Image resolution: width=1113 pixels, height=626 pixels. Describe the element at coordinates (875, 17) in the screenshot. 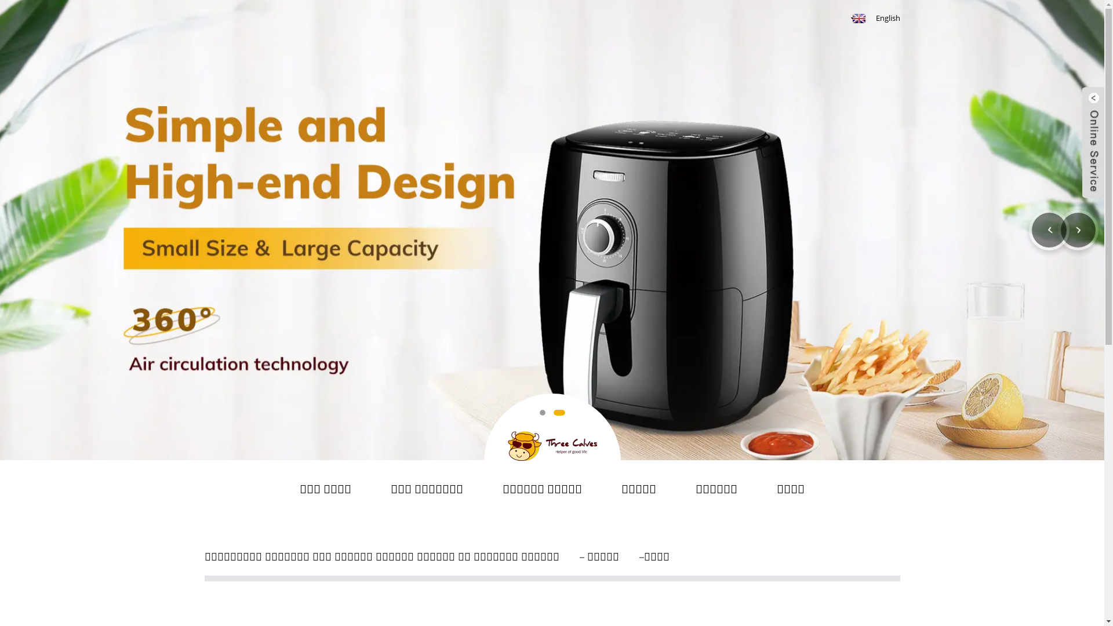

I see `'English'` at that location.